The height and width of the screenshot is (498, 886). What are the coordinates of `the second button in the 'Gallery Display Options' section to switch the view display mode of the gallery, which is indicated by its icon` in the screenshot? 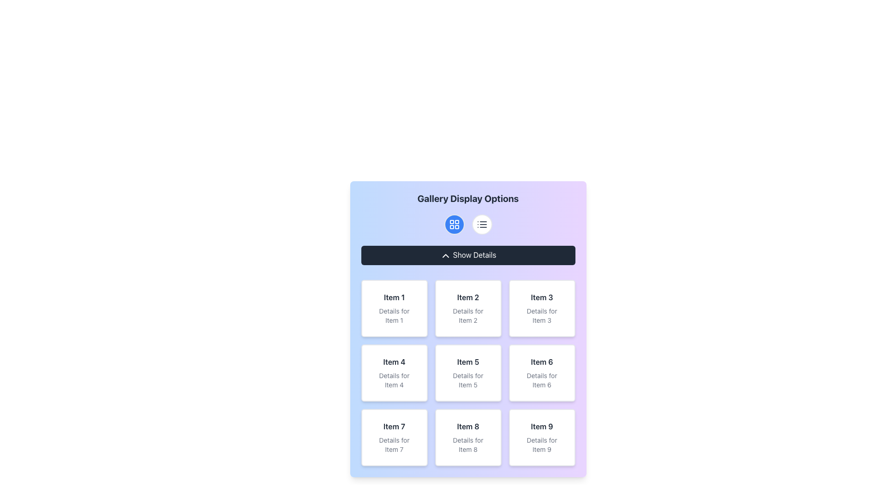 It's located at (481, 224).